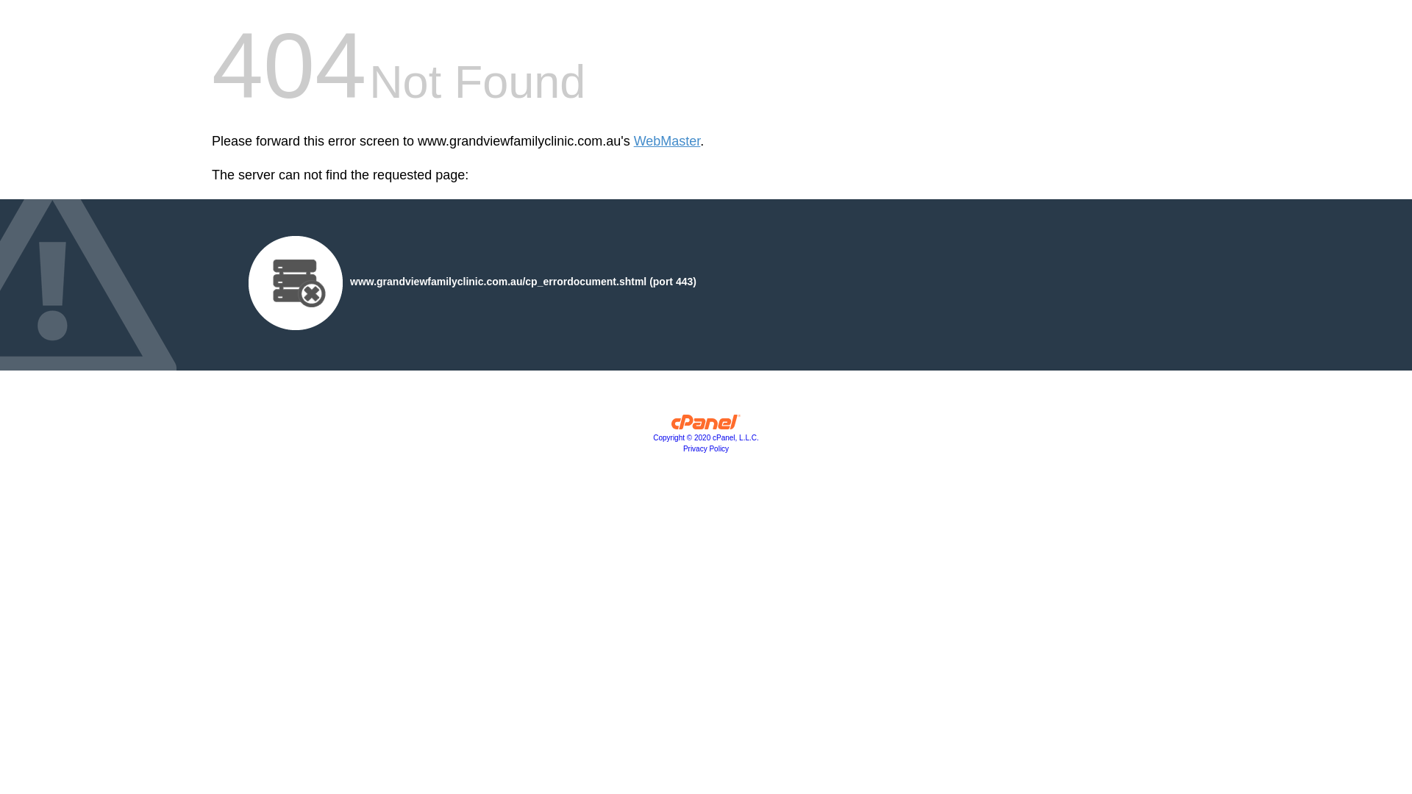 The image size is (1412, 794). I want to click on 'Privacy Policy', so click(706, 448).